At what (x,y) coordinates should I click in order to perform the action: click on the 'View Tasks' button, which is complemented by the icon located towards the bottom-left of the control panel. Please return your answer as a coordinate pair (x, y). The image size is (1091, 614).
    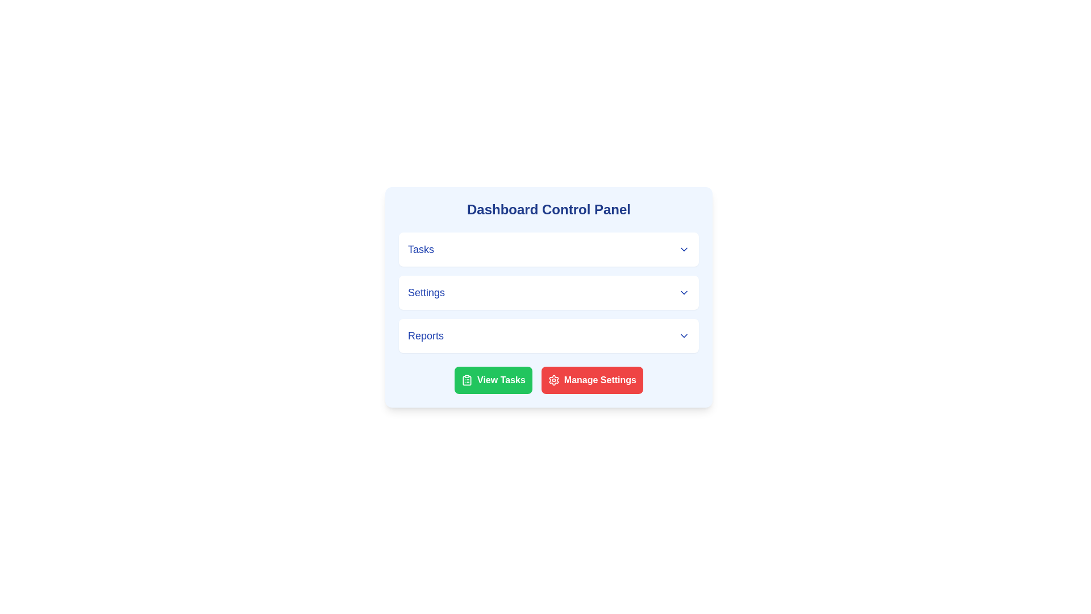
    Looking at the image, I should click on (467, 380).